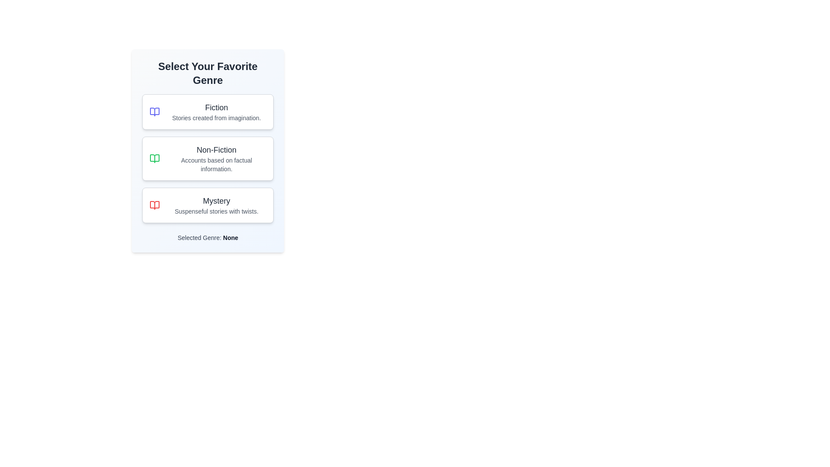 The width and height of the screenshot is (830, 467). I want to click on the decorative icon representing the 'Non-Fiction' button in the 'Select Your Favorite Genre' list to visually reinforce the selection theme for users, so click(155, 158).